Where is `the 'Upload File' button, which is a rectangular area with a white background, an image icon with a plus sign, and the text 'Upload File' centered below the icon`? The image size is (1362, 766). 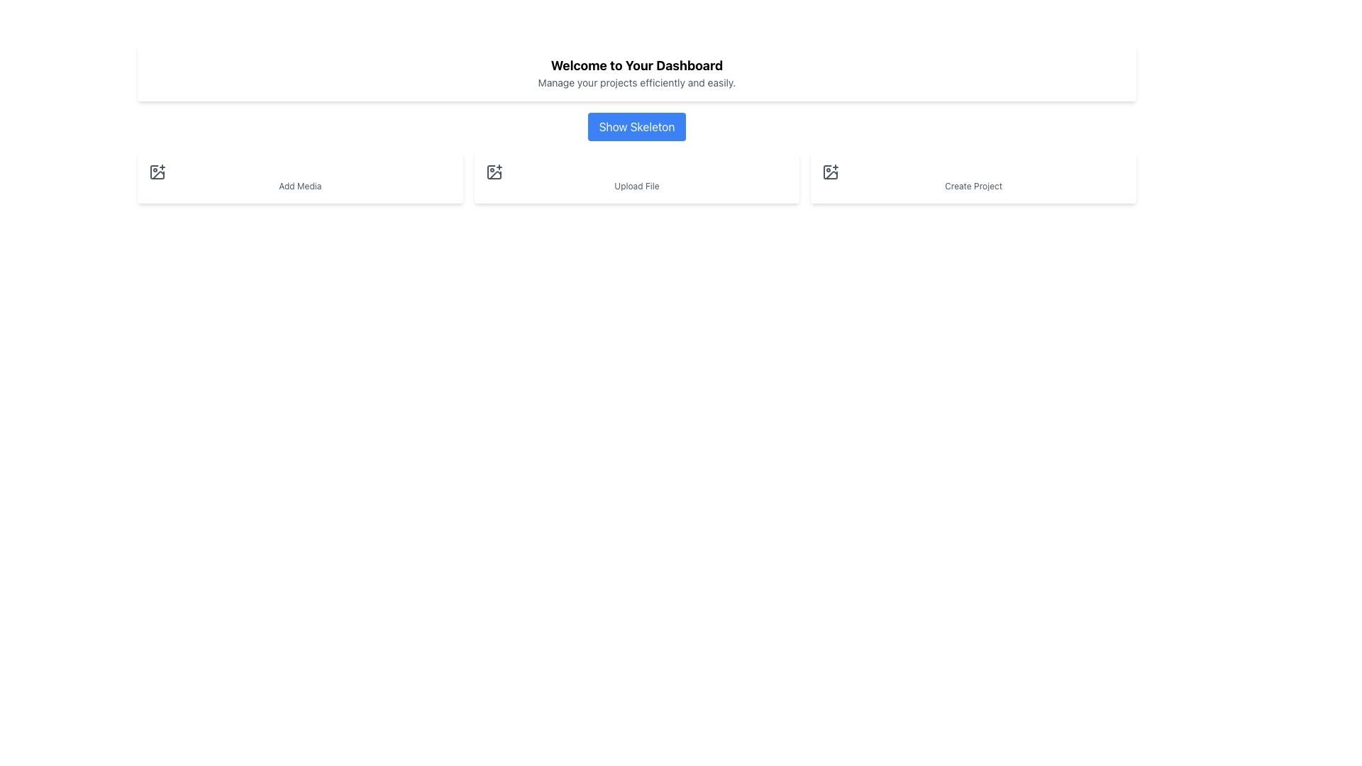 the 'Upload File' button, which is a rectangular area with a white background, an image icon with a plus sign, and the text 'Upload File' centered below the icon is located at coordinates (636, 177).